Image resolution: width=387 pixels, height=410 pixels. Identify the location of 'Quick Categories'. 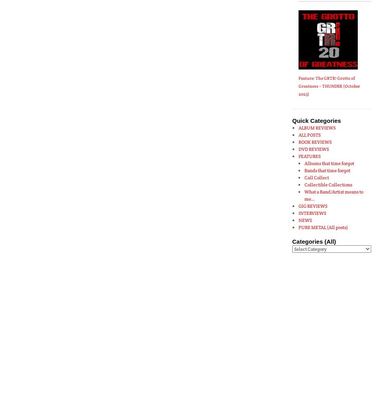
(292, 120).